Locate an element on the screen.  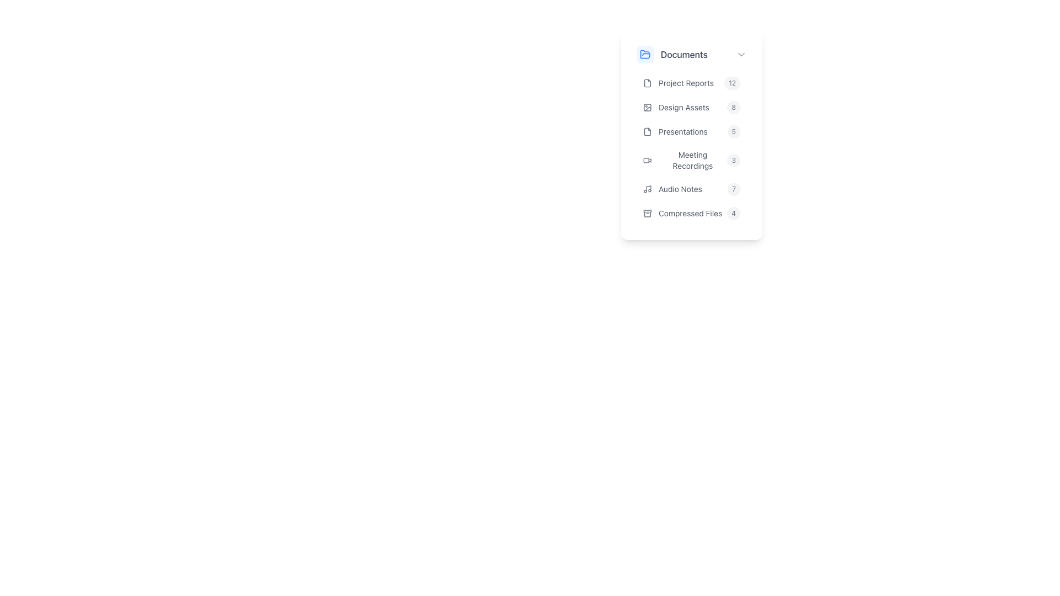
the List Item displaying 'Presentations' with the badge number '5', which is the third item in a vertical list, to trigger a visual effect is located at coordinates (691, 132).